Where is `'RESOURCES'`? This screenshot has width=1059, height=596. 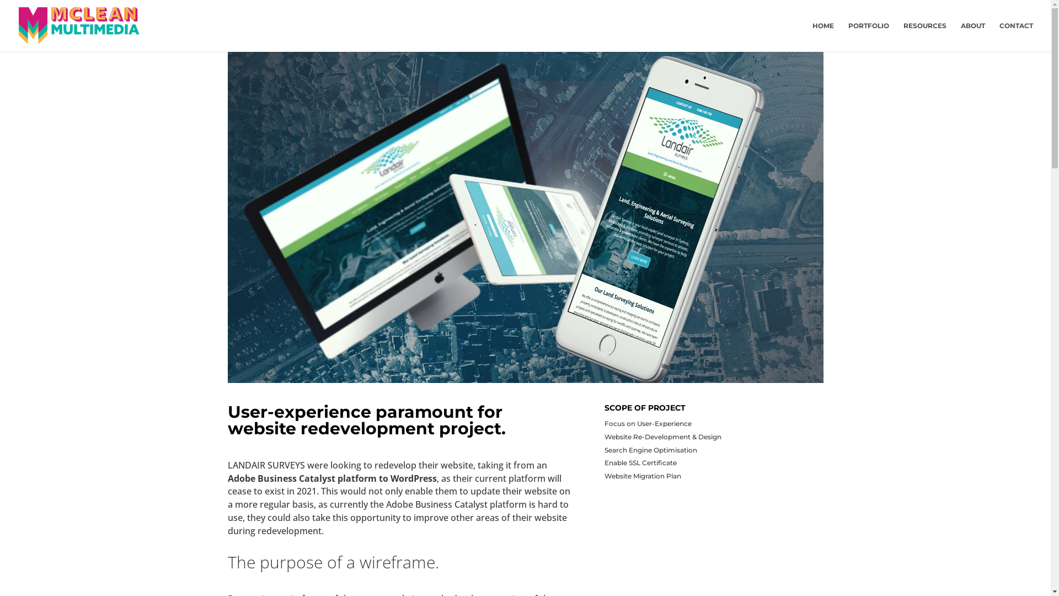 'RESOURCES' is located at coordinates (924, 36).